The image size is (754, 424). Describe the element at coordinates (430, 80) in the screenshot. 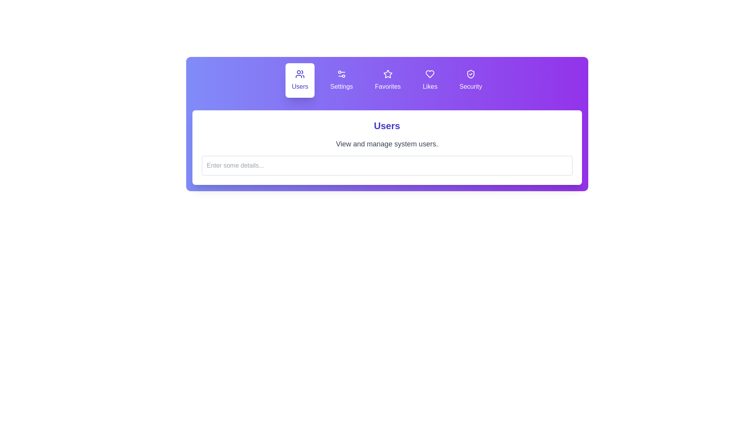

I see `the tab labeled Likes to read its description` at that location.